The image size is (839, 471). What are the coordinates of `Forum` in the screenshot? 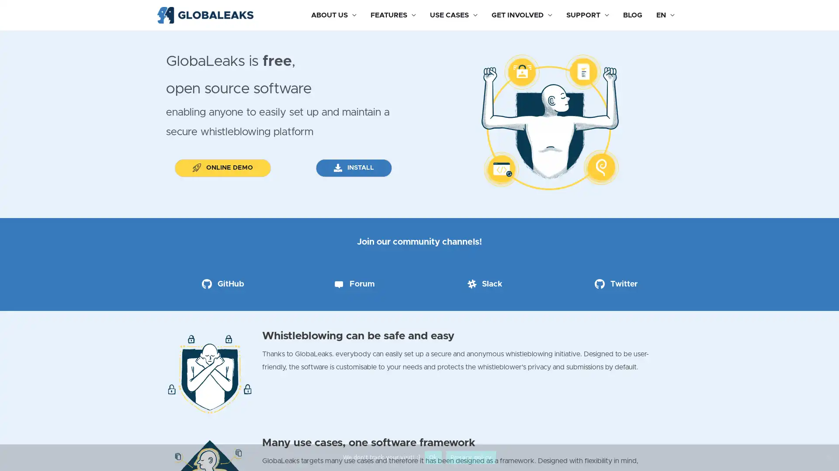 It's located at (354, 284).